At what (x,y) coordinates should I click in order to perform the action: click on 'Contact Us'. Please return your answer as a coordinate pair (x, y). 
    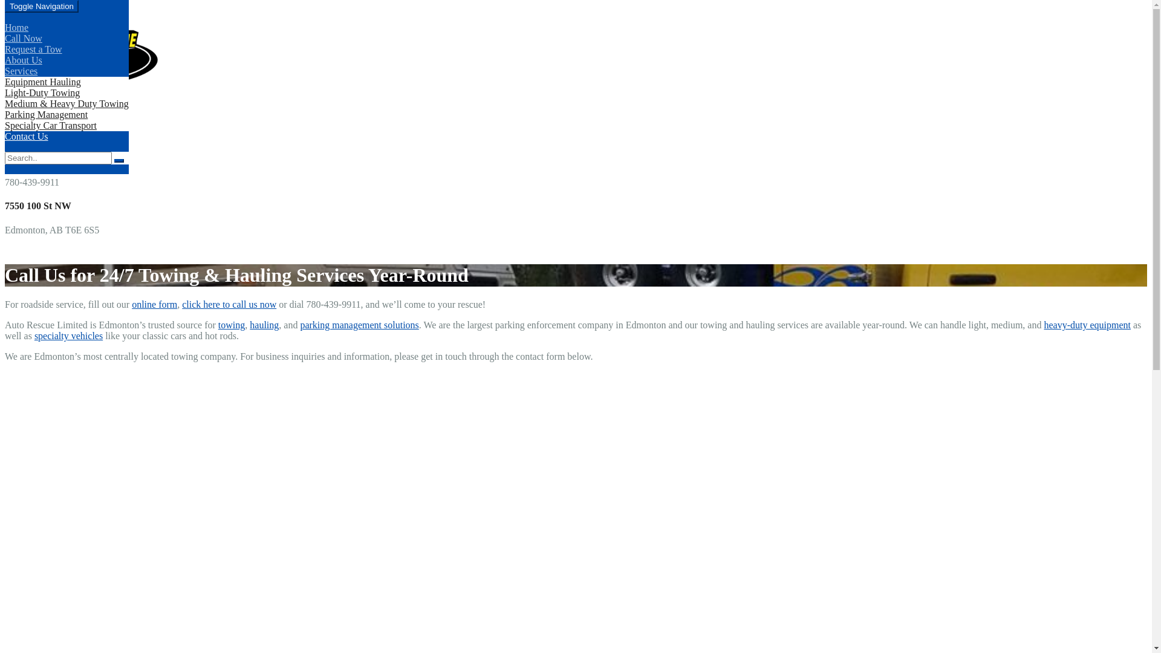
    Looking at the image, I should click on (26, 136).